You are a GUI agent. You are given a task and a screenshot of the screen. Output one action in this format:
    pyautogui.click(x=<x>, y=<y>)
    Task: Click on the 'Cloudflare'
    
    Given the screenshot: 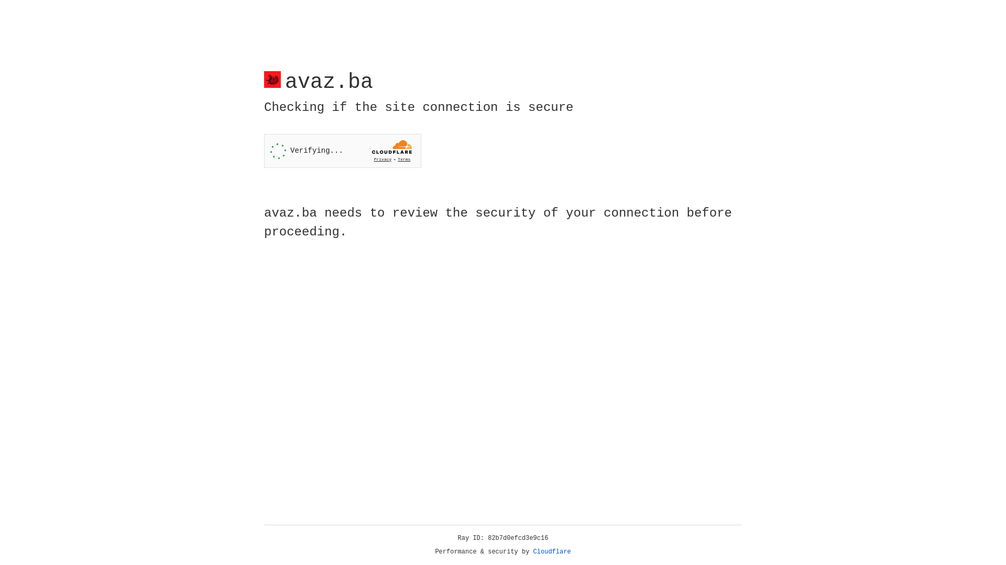 What is the action you would take?
    pyautogui.click(x=552, y=551)
    